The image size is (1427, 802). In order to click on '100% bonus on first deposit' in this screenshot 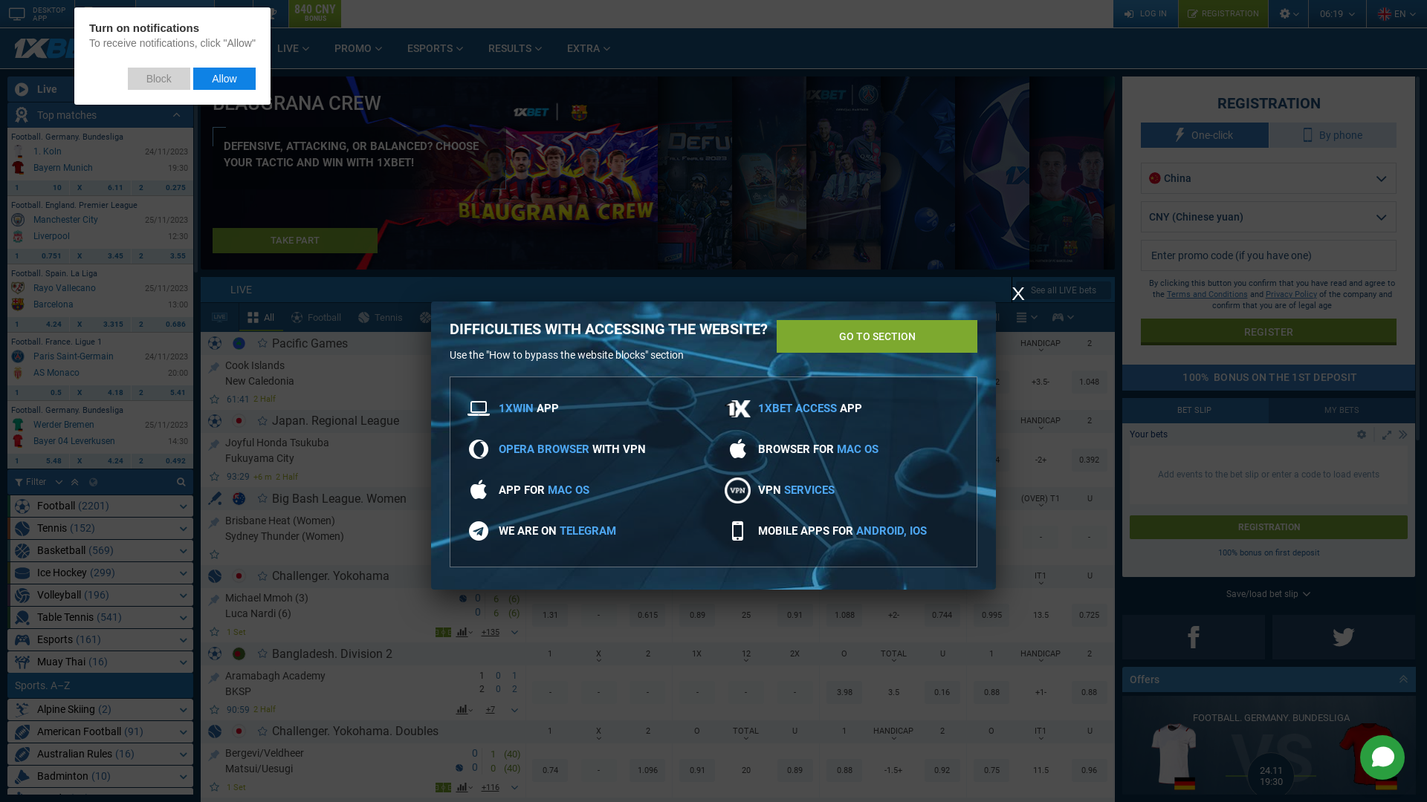, I will do `click(1267, 552)`.